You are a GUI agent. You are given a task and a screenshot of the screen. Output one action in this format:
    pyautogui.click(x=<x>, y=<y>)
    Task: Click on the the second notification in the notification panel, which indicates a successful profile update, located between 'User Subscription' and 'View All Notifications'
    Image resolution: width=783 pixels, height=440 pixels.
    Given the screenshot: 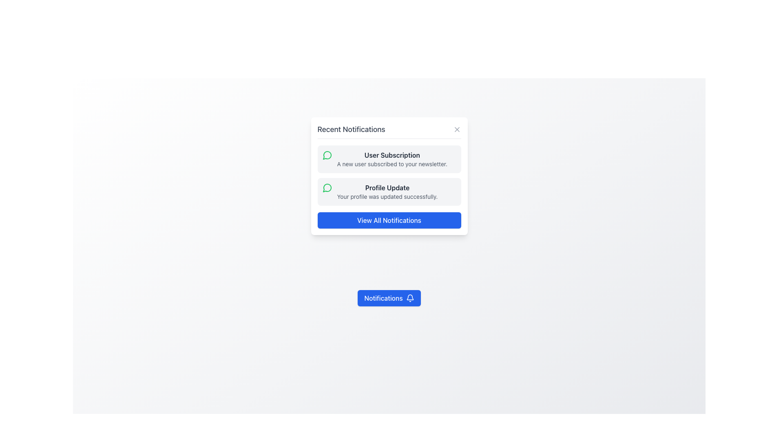 What is the action you would take?
    pyautogui.click(x=389, y=191)
    